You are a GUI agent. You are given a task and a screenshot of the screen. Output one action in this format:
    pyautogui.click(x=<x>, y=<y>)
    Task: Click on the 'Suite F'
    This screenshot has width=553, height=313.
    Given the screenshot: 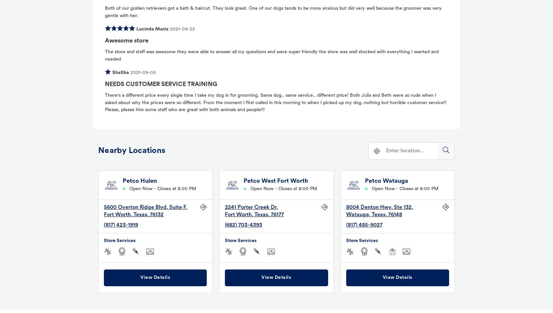 What is the action you would take?
    pyautogui.click(x=177, y=207)
    